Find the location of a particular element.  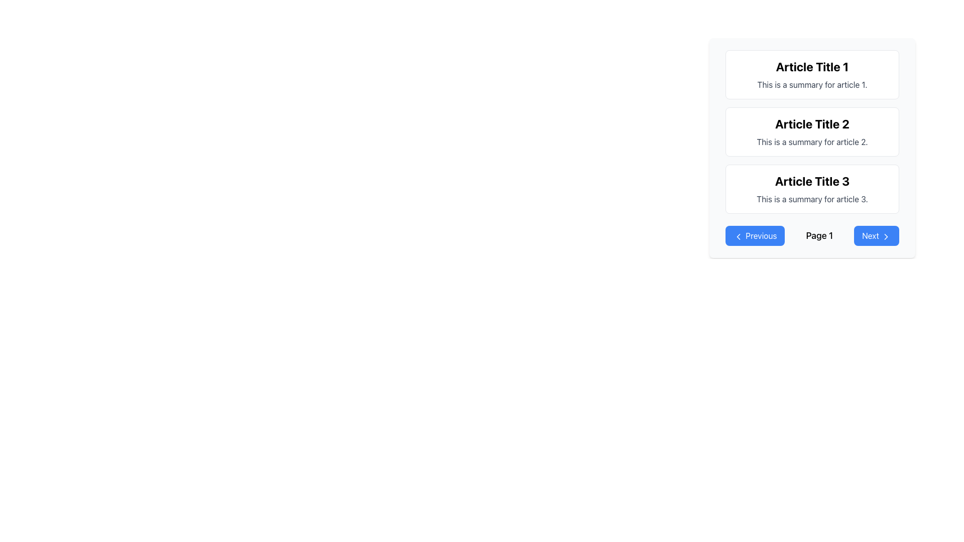

the text label that summarizes the article titled 'Article Title 1' is located at coordinates (812, 84).